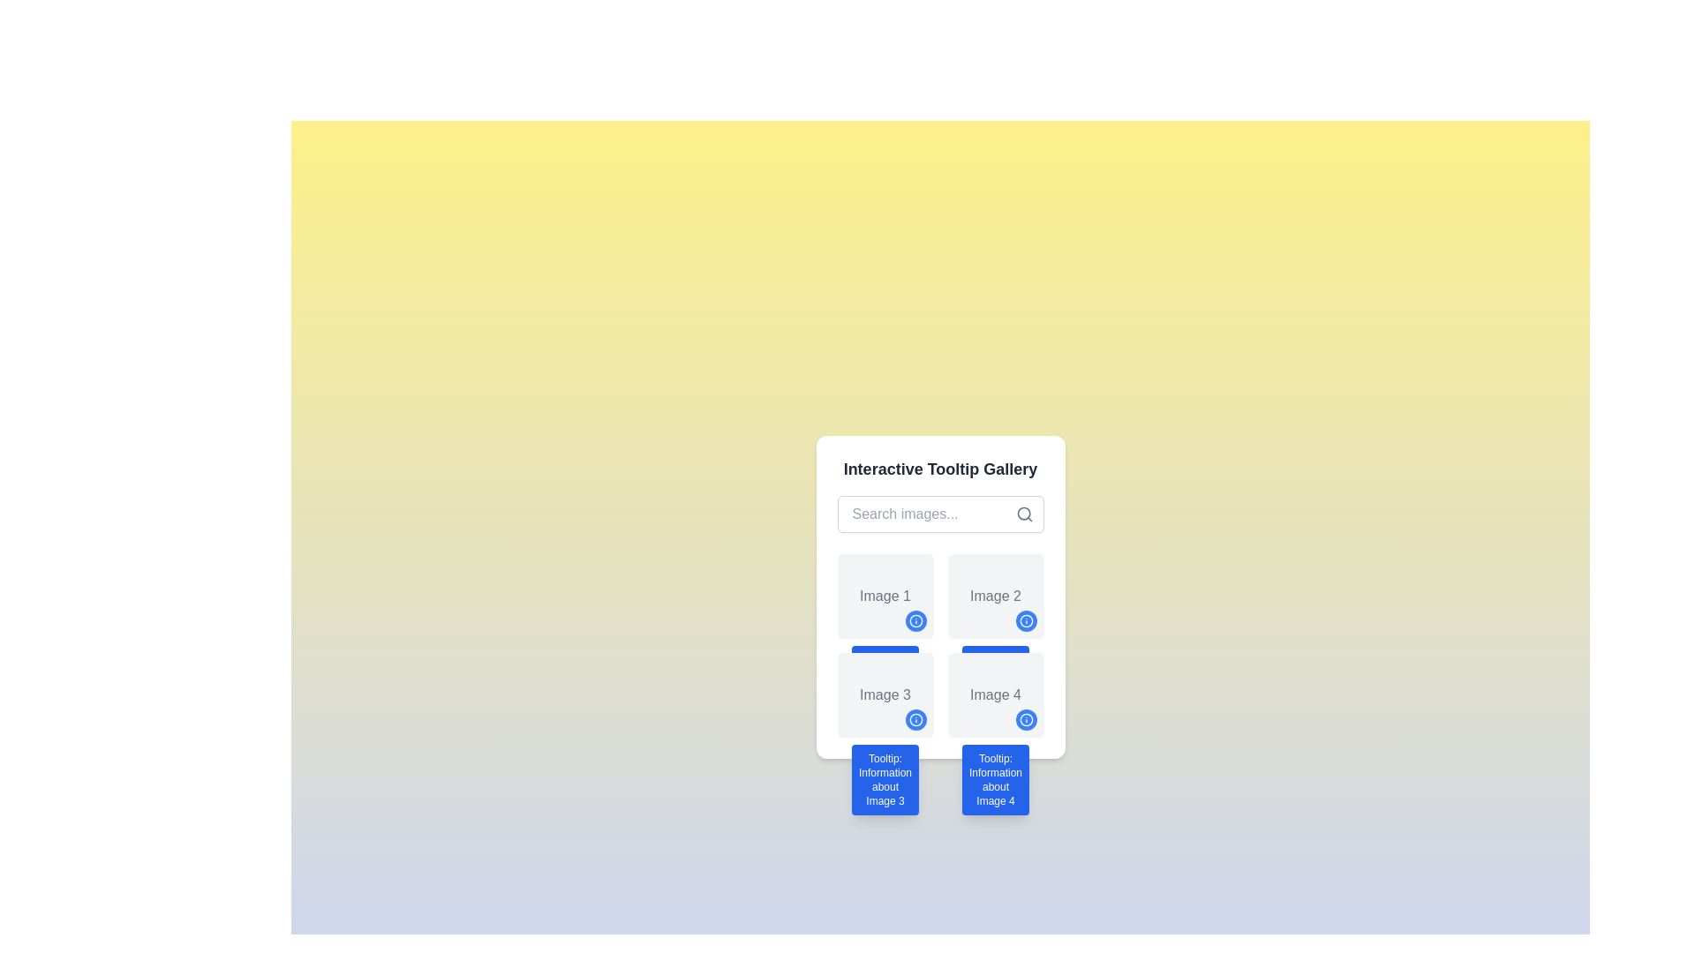 The width and height of the screenshot is (1695, 953). What do you see at coordinates (1026, 720) in the screenshot?
I see `the information icon located at the bottom-right corner of the fourth image in the grid layout` at bounding box center [1026, 720].